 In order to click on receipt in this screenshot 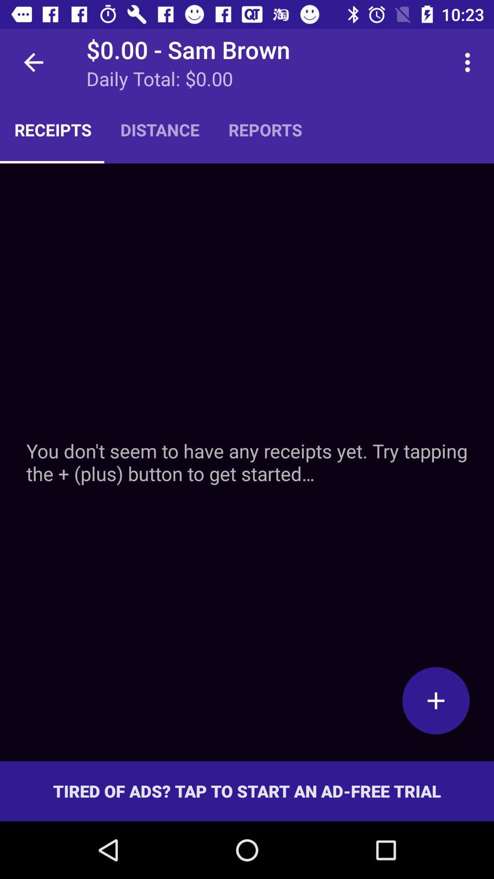, I will do `click(435, 700)`.